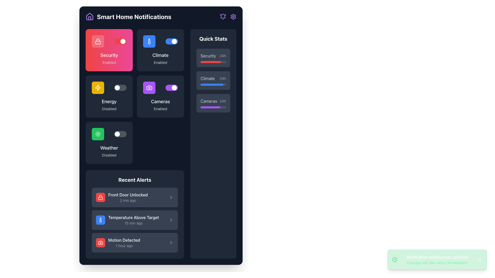  What do you see at coordinates (98, 87) in the screenshot?
I see `the lightning bolt icon in the rounded yellow square located in the first column, second row of the grid in the 'Smart Home Notifications' interface` at bounding box center [98, 87].